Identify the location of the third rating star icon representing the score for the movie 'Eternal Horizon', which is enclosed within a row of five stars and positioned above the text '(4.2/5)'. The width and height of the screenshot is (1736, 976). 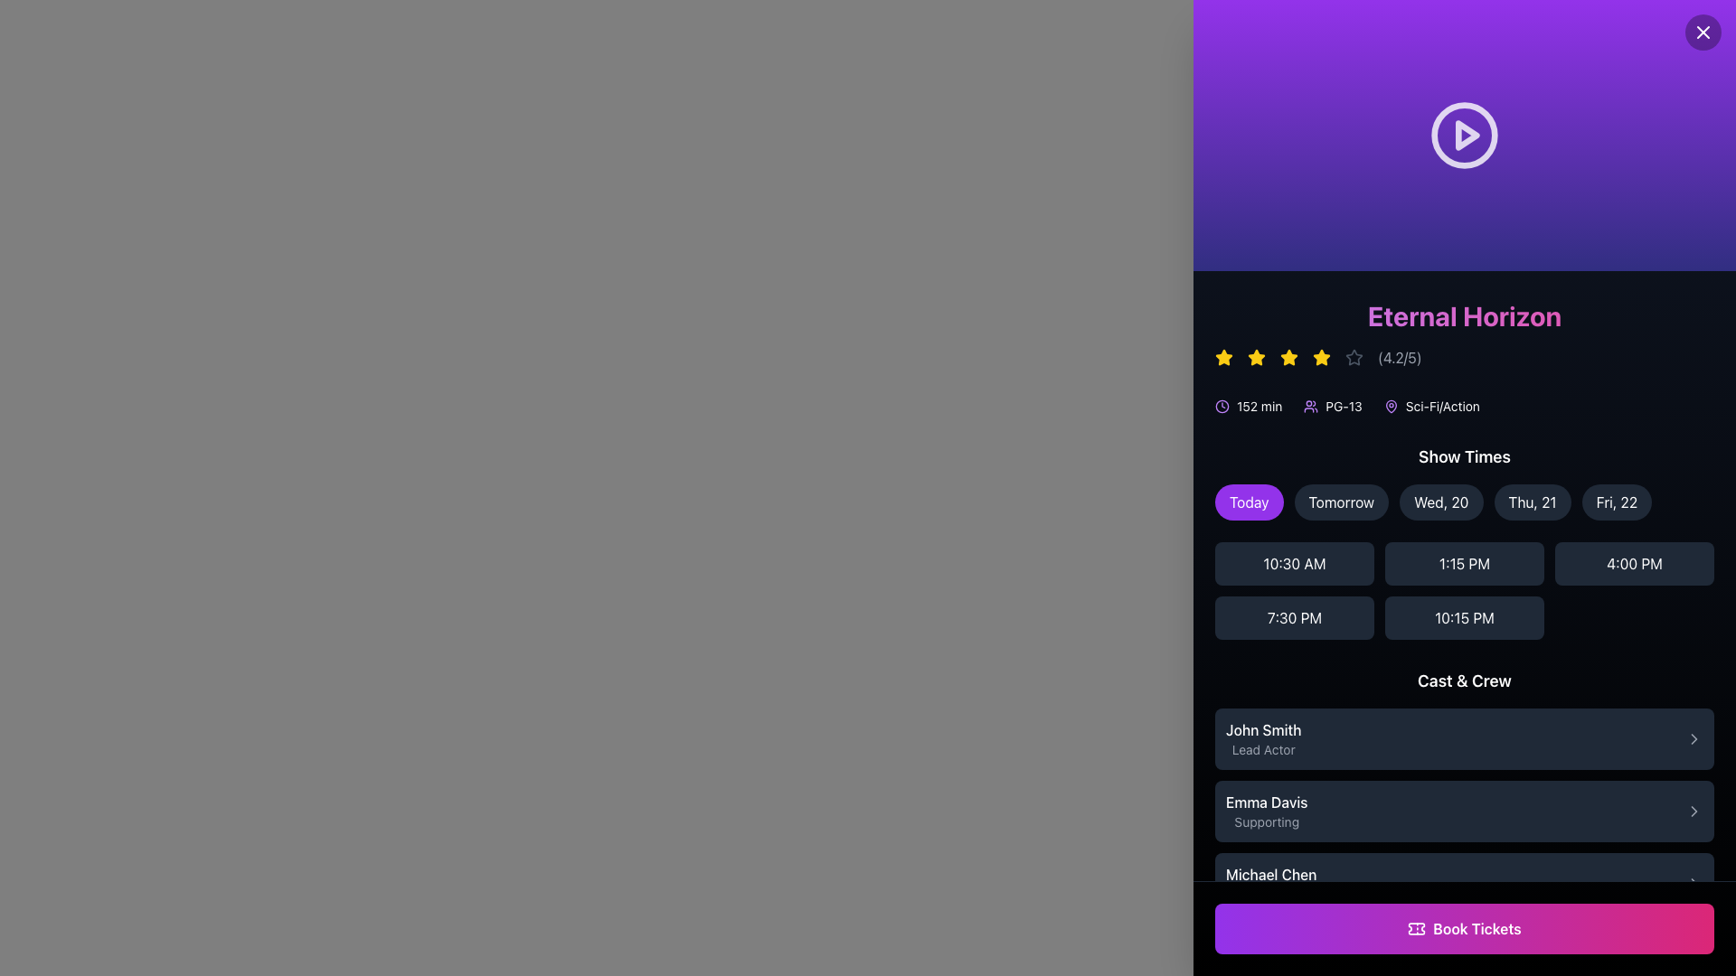
(1288, 357).